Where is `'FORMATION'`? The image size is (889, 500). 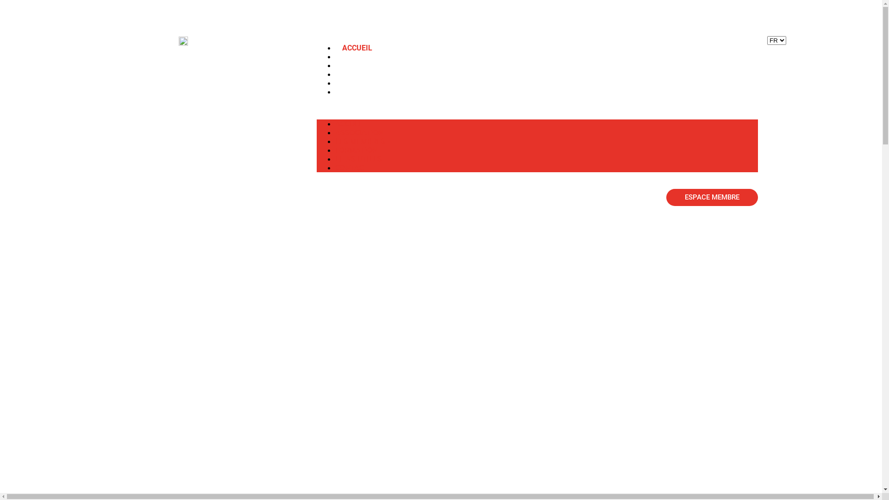 'FORMATION' is located at coordinates (363, 74).